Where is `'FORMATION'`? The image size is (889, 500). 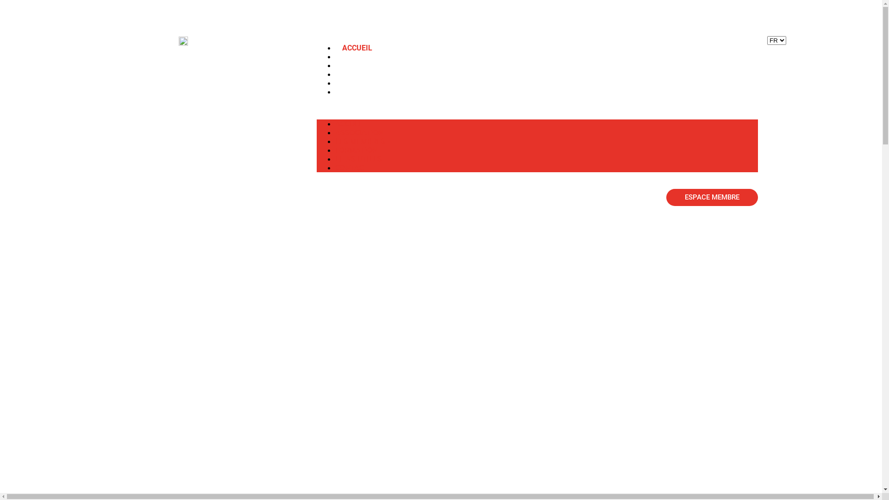 'FORMATION' is located at coordinates (363, 74).